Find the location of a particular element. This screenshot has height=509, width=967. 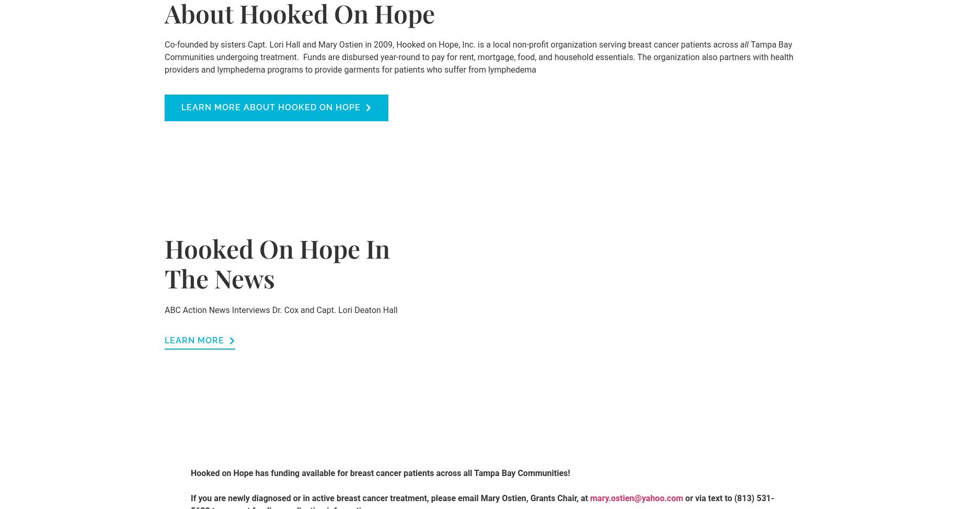

'Learn more' is located at coordinates (194, 340).